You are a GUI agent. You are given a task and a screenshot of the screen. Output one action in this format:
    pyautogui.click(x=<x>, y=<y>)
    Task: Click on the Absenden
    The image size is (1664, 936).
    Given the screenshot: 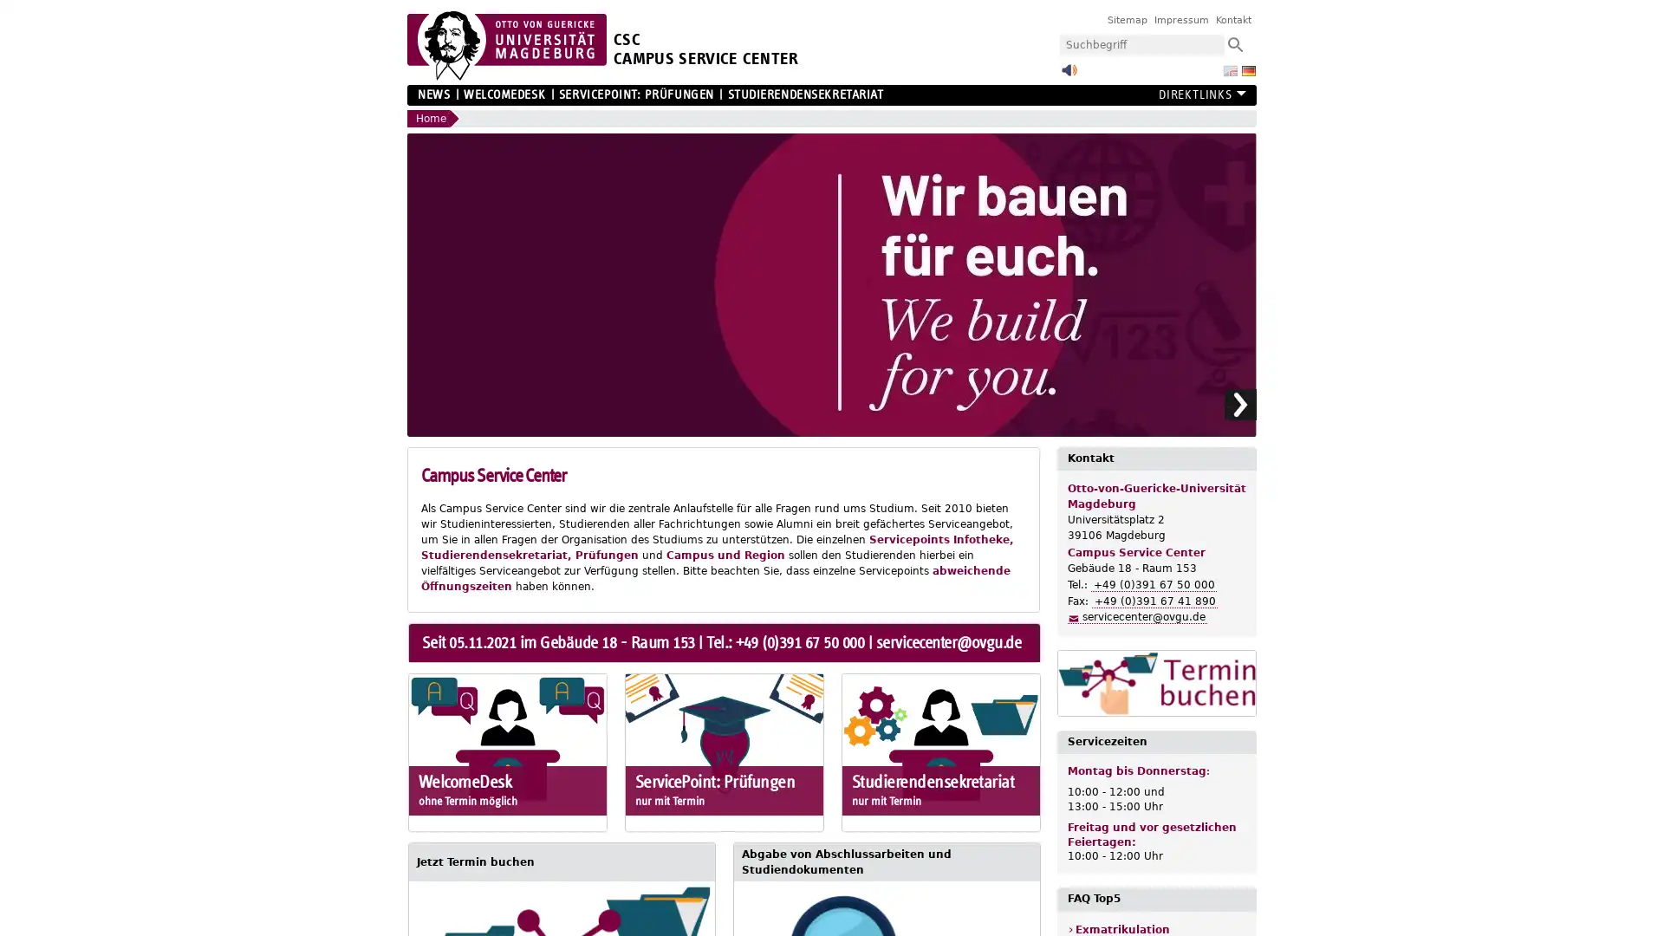 What is the action you would take?
    pyautogui.click(x=1234, y=43)
    